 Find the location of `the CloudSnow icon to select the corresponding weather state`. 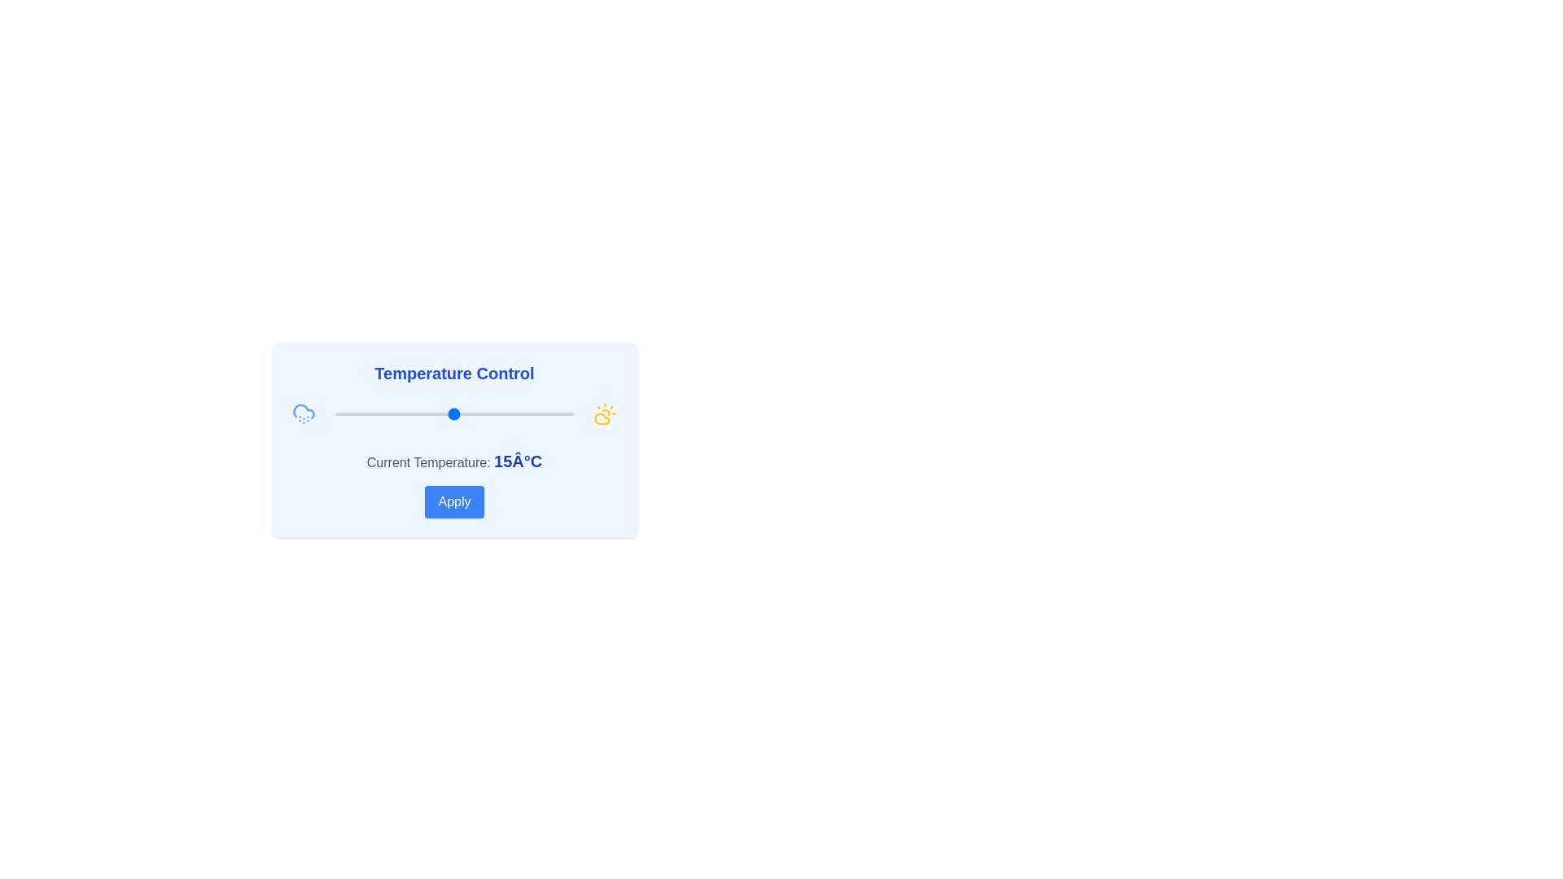

the CloudSnow icon to select the corresponding weather state is located at coordinates (304, 413).